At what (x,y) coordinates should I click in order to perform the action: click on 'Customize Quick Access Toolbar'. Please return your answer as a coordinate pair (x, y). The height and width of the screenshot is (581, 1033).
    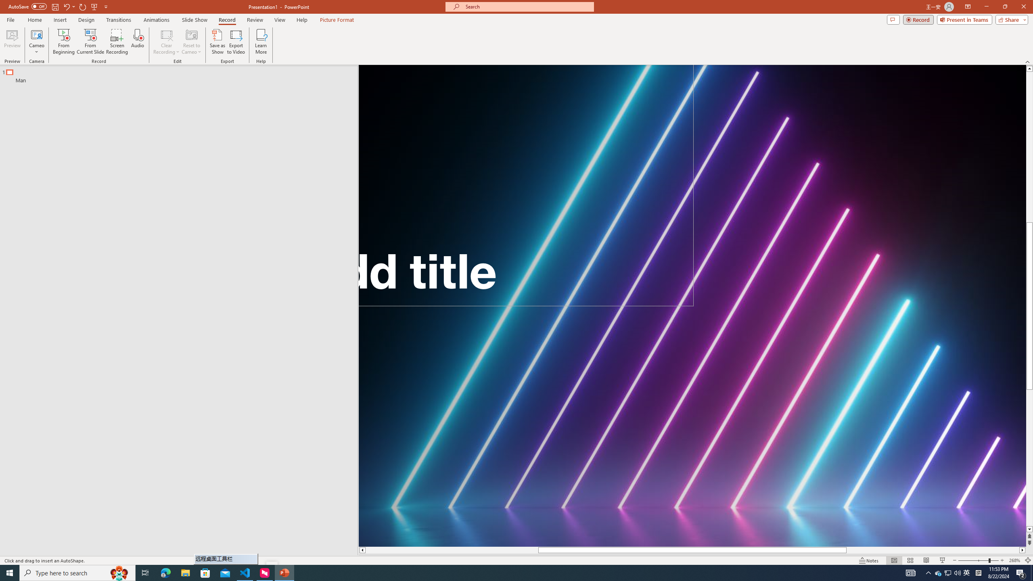
    Looking at the image, I should click on (105, 6).